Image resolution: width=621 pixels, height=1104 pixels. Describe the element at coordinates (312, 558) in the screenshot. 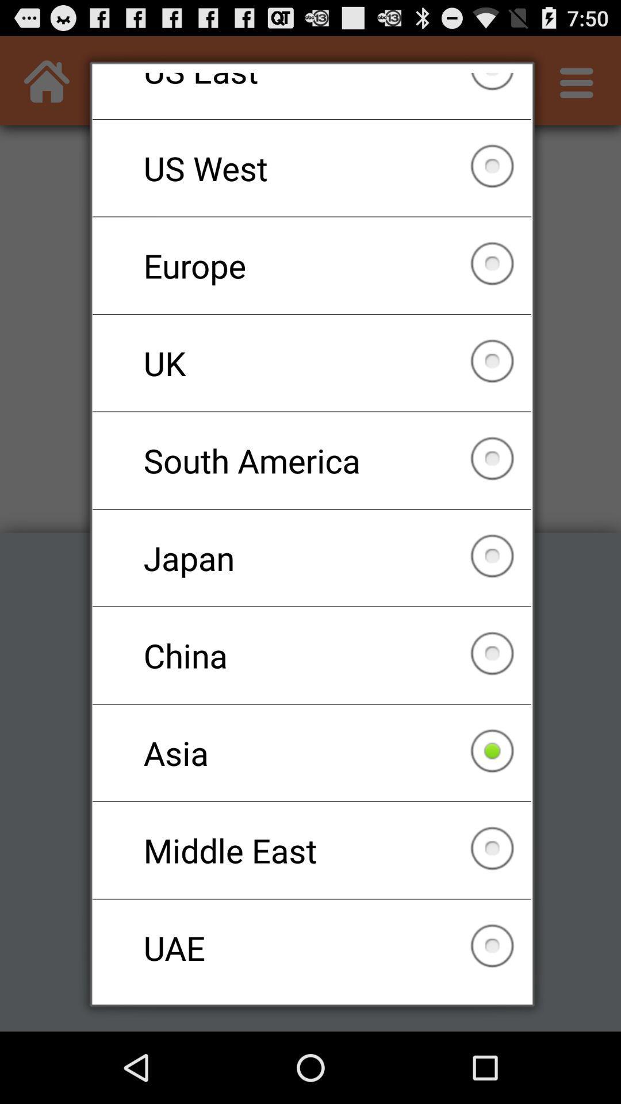

I see `the checkbox above     china` at that location.